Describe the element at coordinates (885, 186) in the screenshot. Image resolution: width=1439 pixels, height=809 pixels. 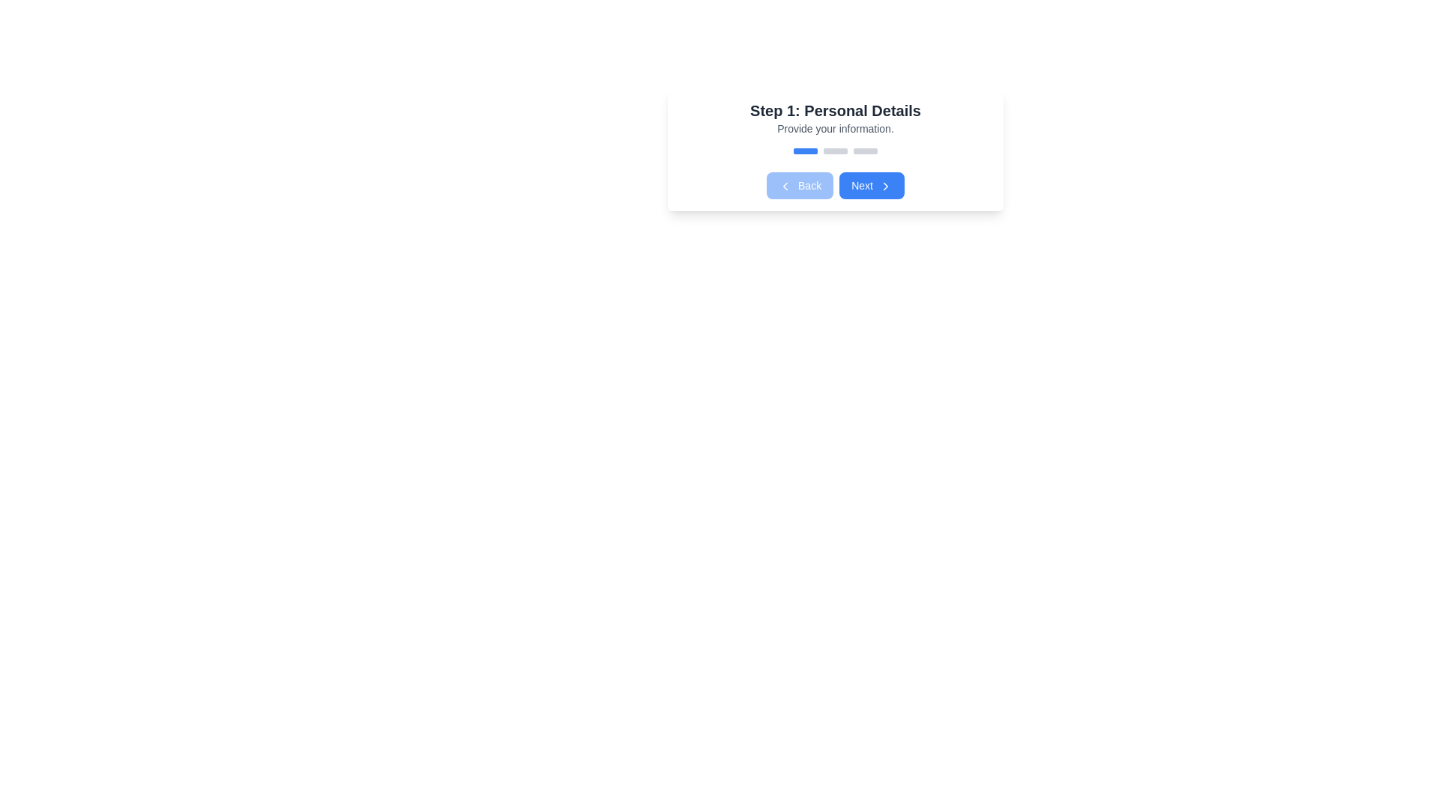
I see `the small right-pointing arrow icon with a blue background and white stroke inside the 'Next' button` at that location.